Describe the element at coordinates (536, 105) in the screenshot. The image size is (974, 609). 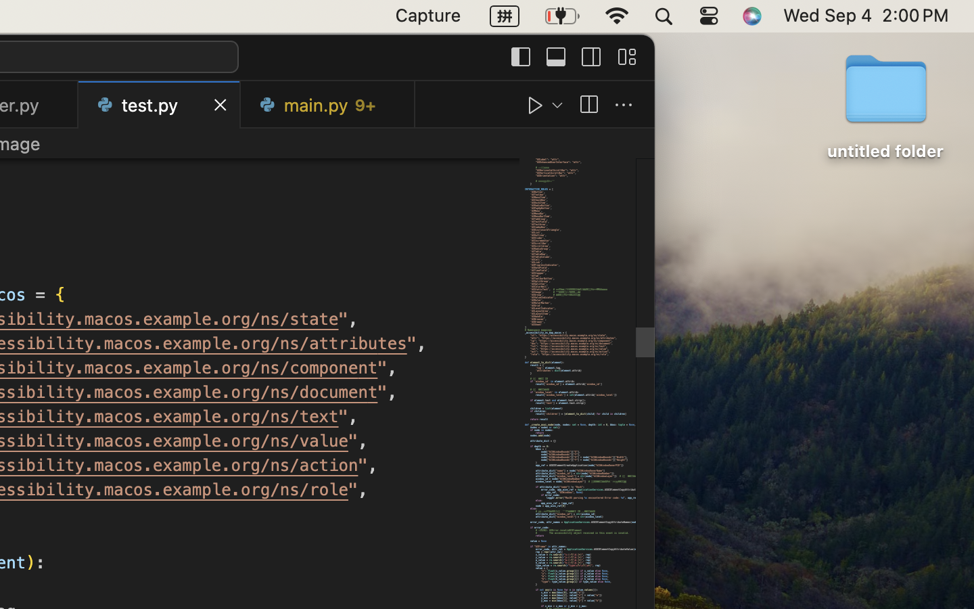
I see `''` at that location.